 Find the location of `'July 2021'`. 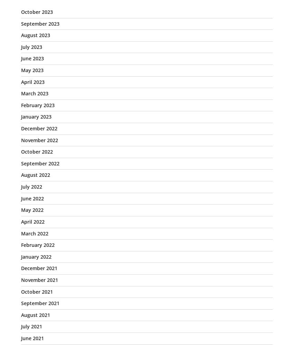

'July 2021' is located at coordinates (31, 326).